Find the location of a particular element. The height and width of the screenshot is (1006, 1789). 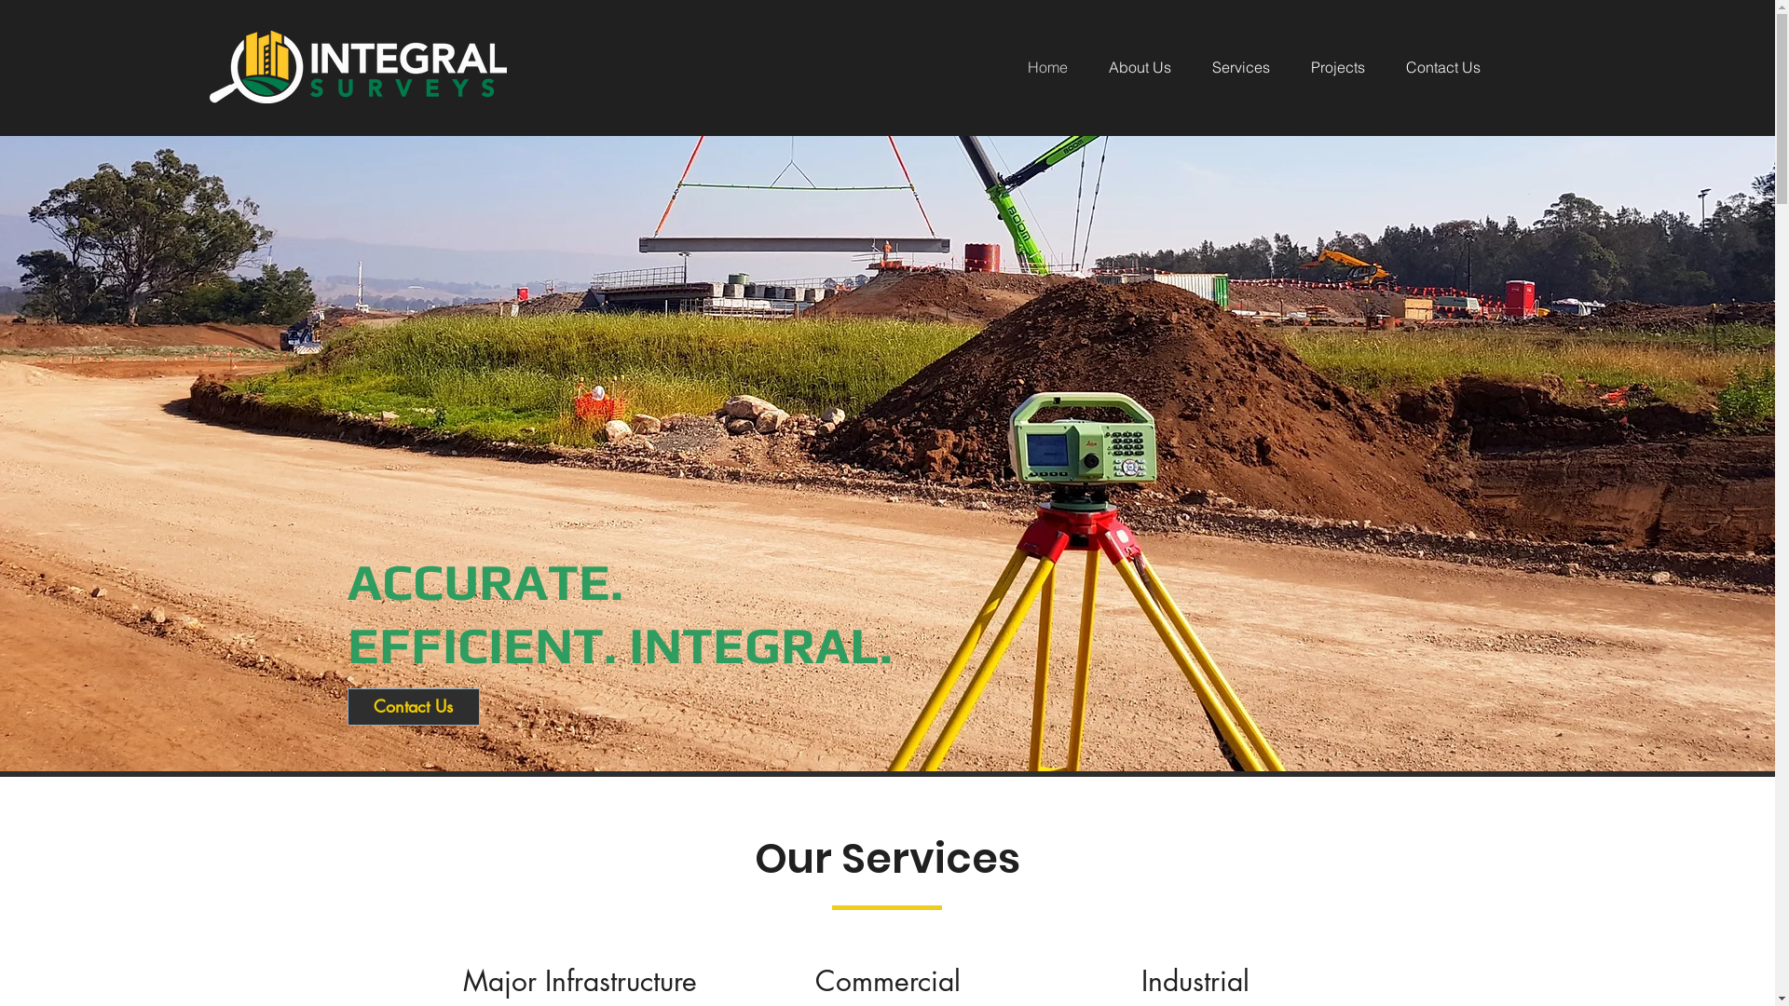

'Projects' is located at coordinates (1324, 66).